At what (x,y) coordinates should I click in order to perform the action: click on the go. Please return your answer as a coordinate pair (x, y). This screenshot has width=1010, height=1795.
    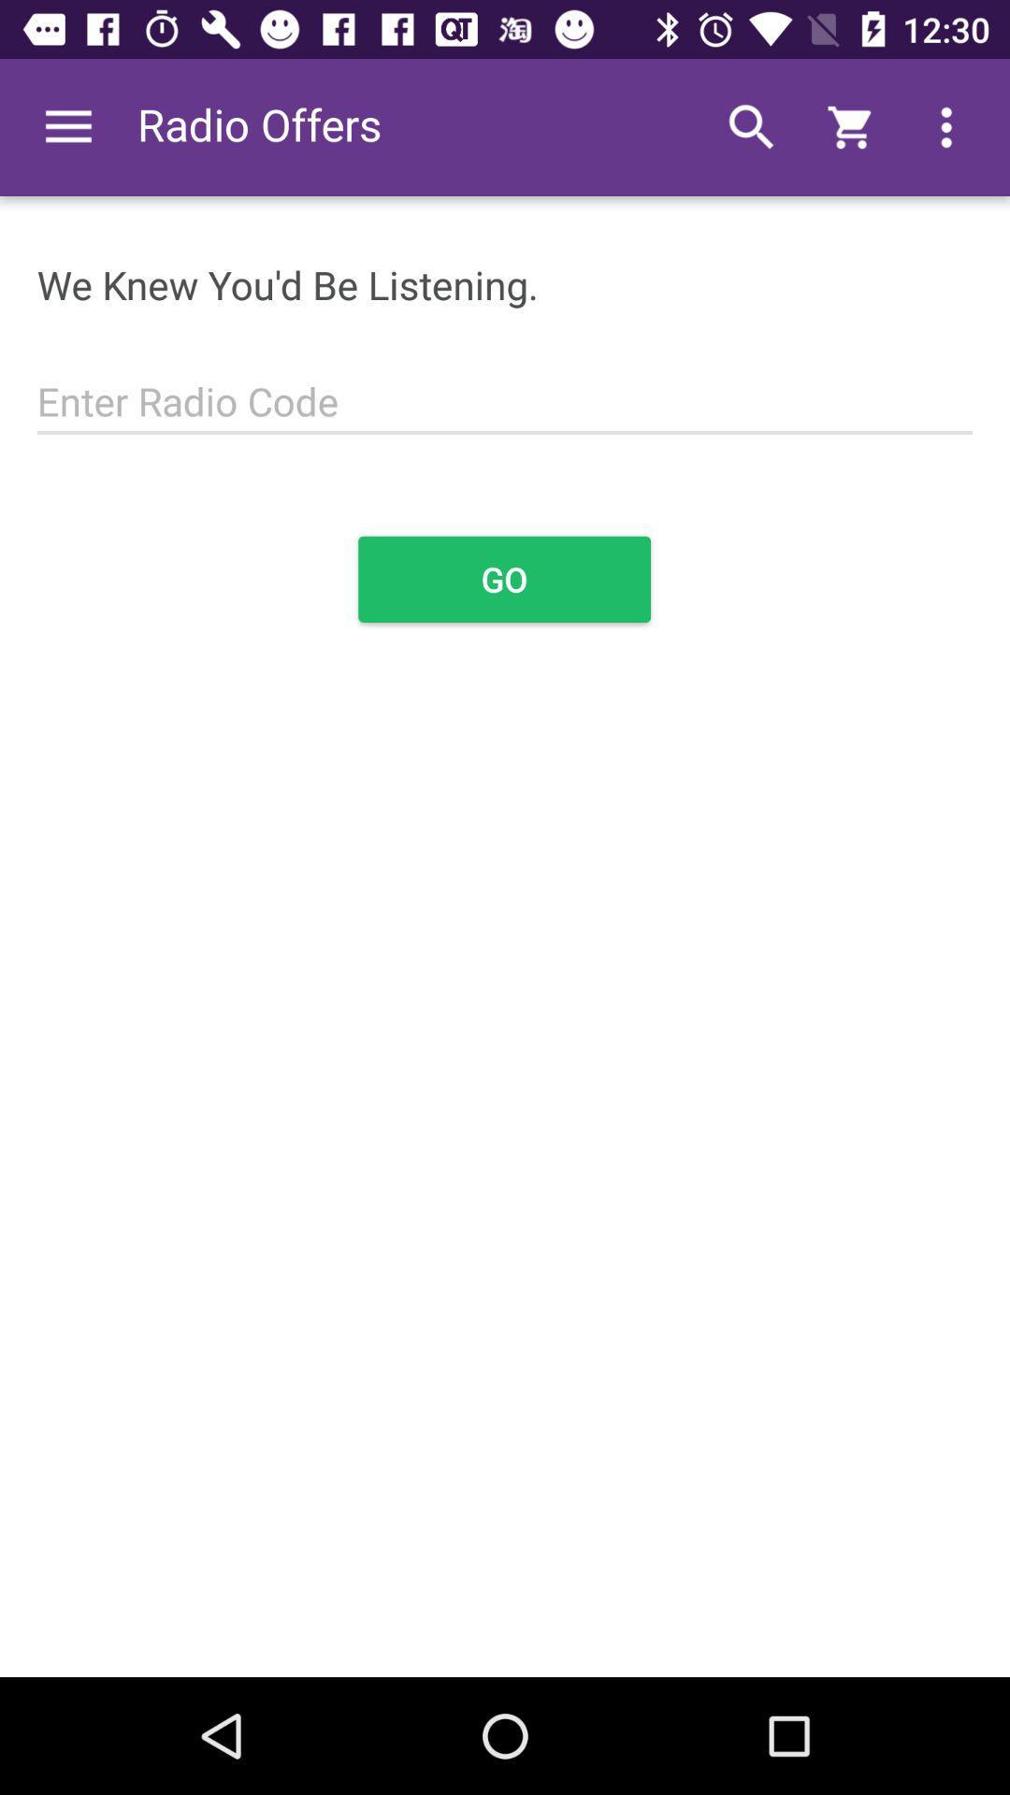
    Looking at the image, I should click on (503, 578).